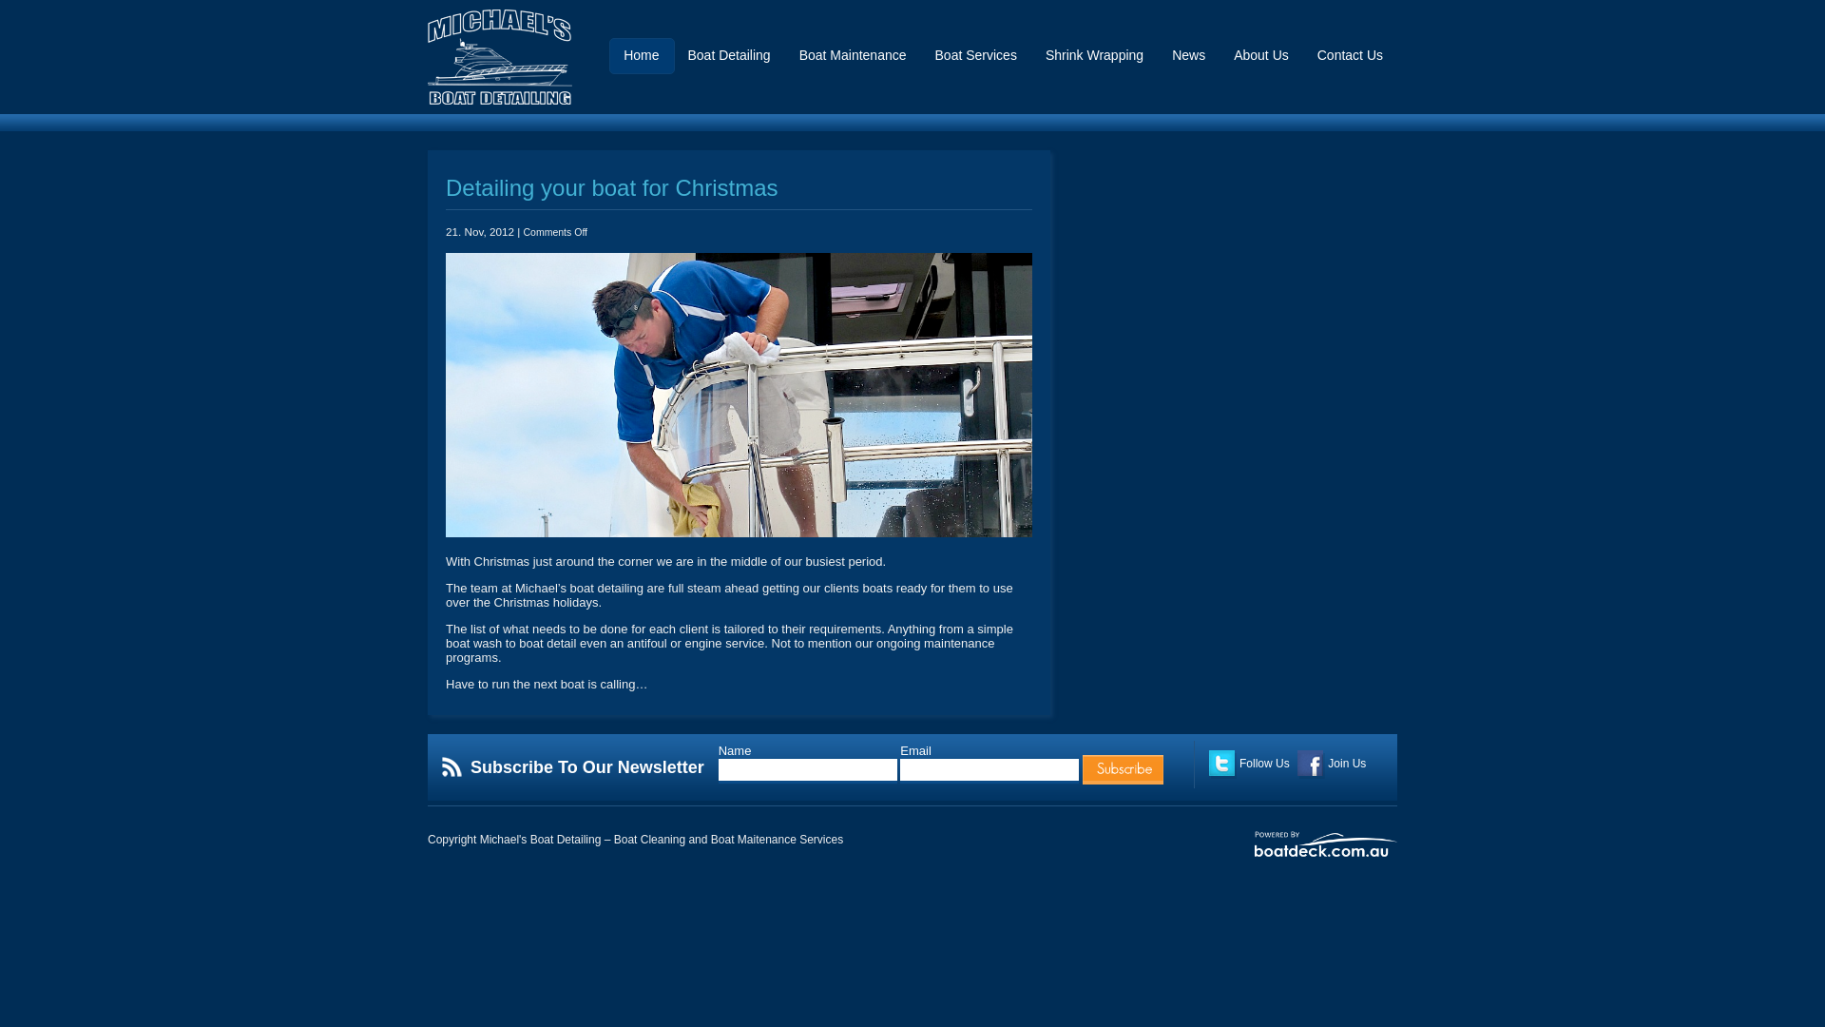  What do you see at coordinates (727, 61) in the screenshot?
I see `'Boat Detailing'` at bounding box center [727, 61].